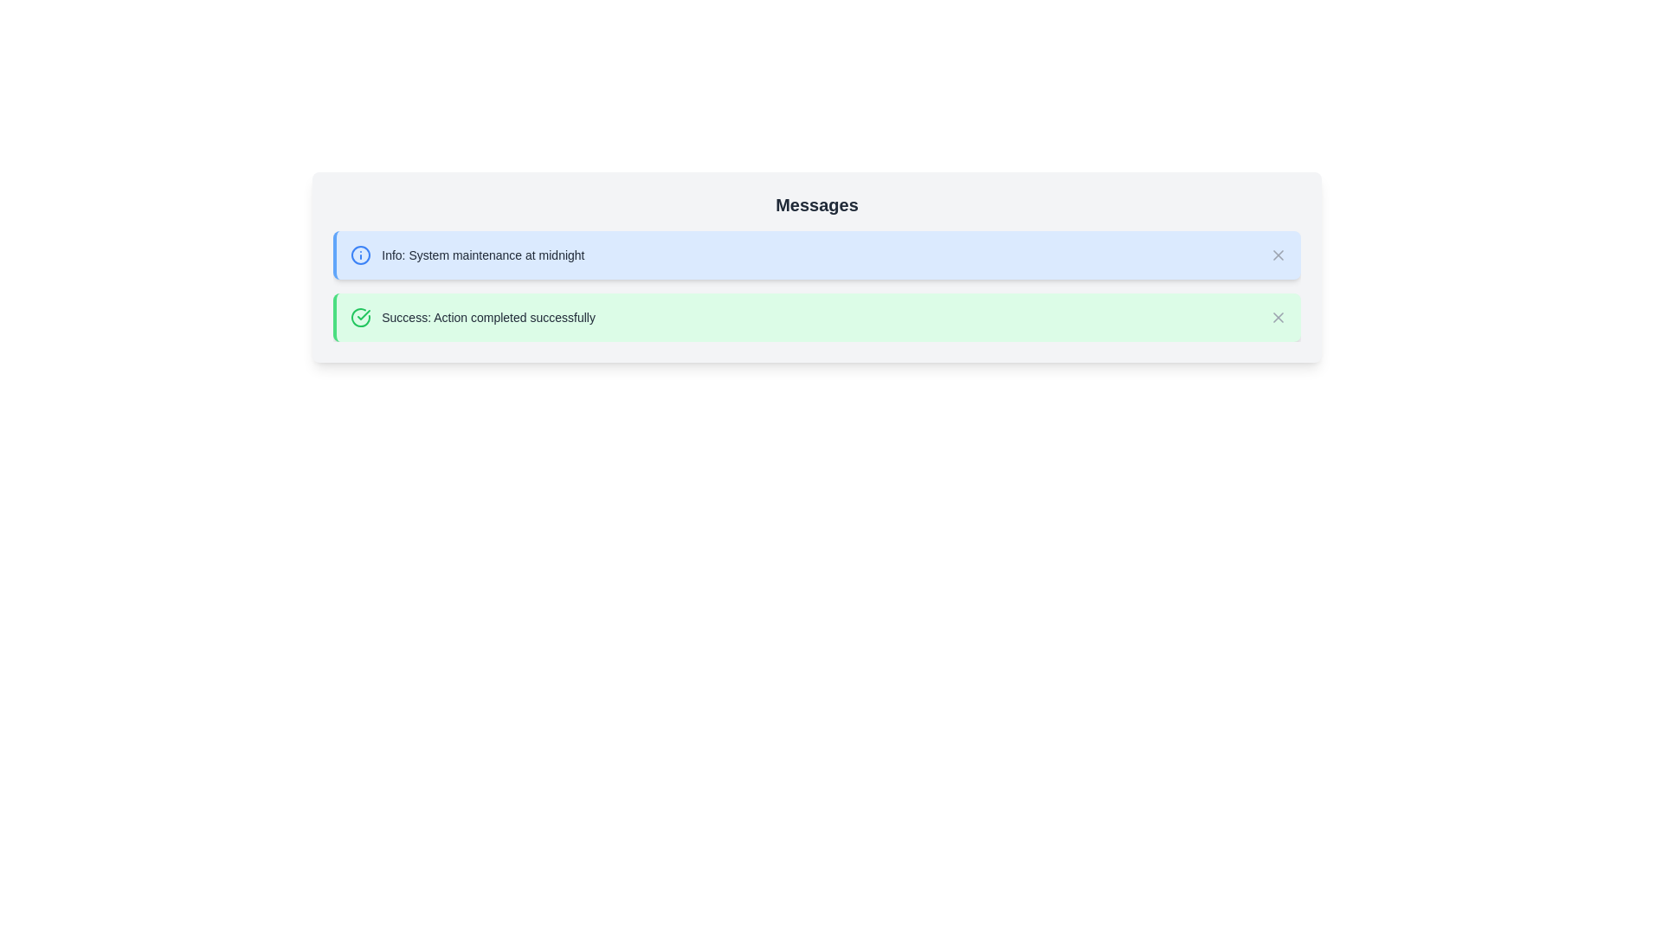 Image resolution: width=1662 pixels, height=935 pixels. I want to click on informational message displayed on the Text label that notifies users about system maintenance scheduled at midnight, located to the right of the blue information icon in the upper segment of the message panel, so click(483, 255).